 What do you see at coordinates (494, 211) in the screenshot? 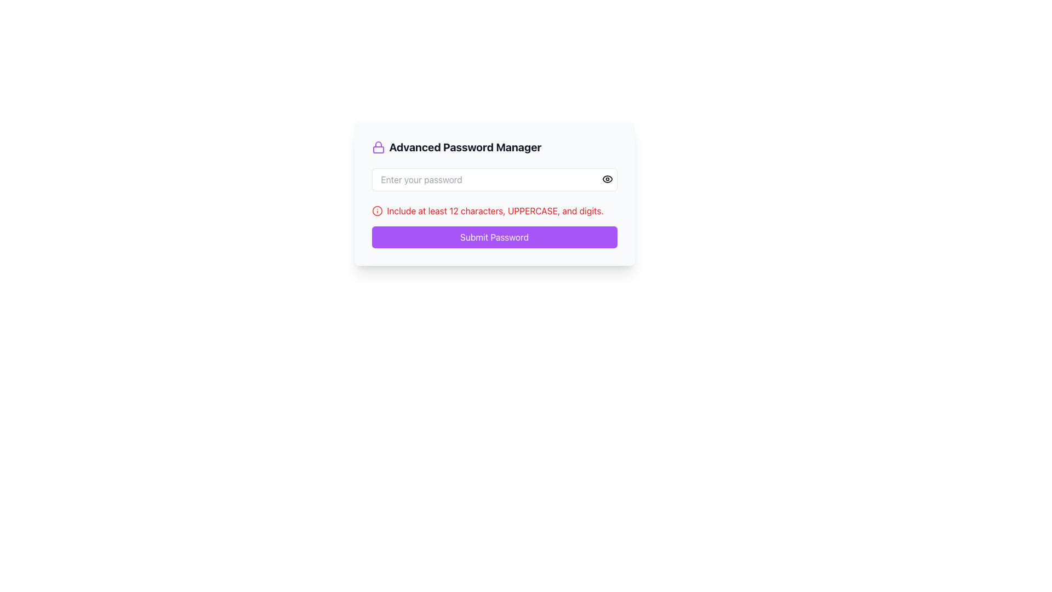
I see `informational text with the red warning message 'Include at least 12 characters, UPPERCASE, and digits.' located below the password input field in the 'Advanced Password Manager' card` at bounding box center [494, 211].